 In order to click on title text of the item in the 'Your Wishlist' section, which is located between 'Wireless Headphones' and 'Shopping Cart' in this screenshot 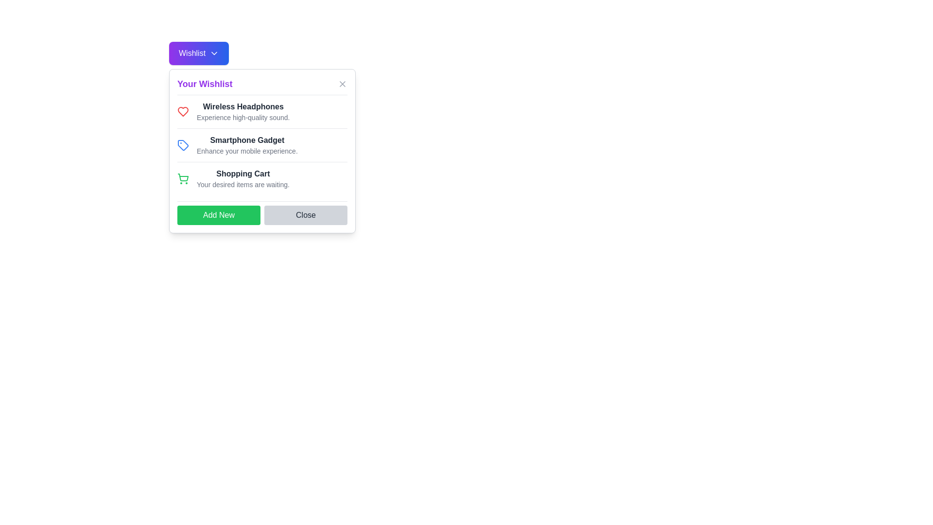, I will do `click(247, 140)`.